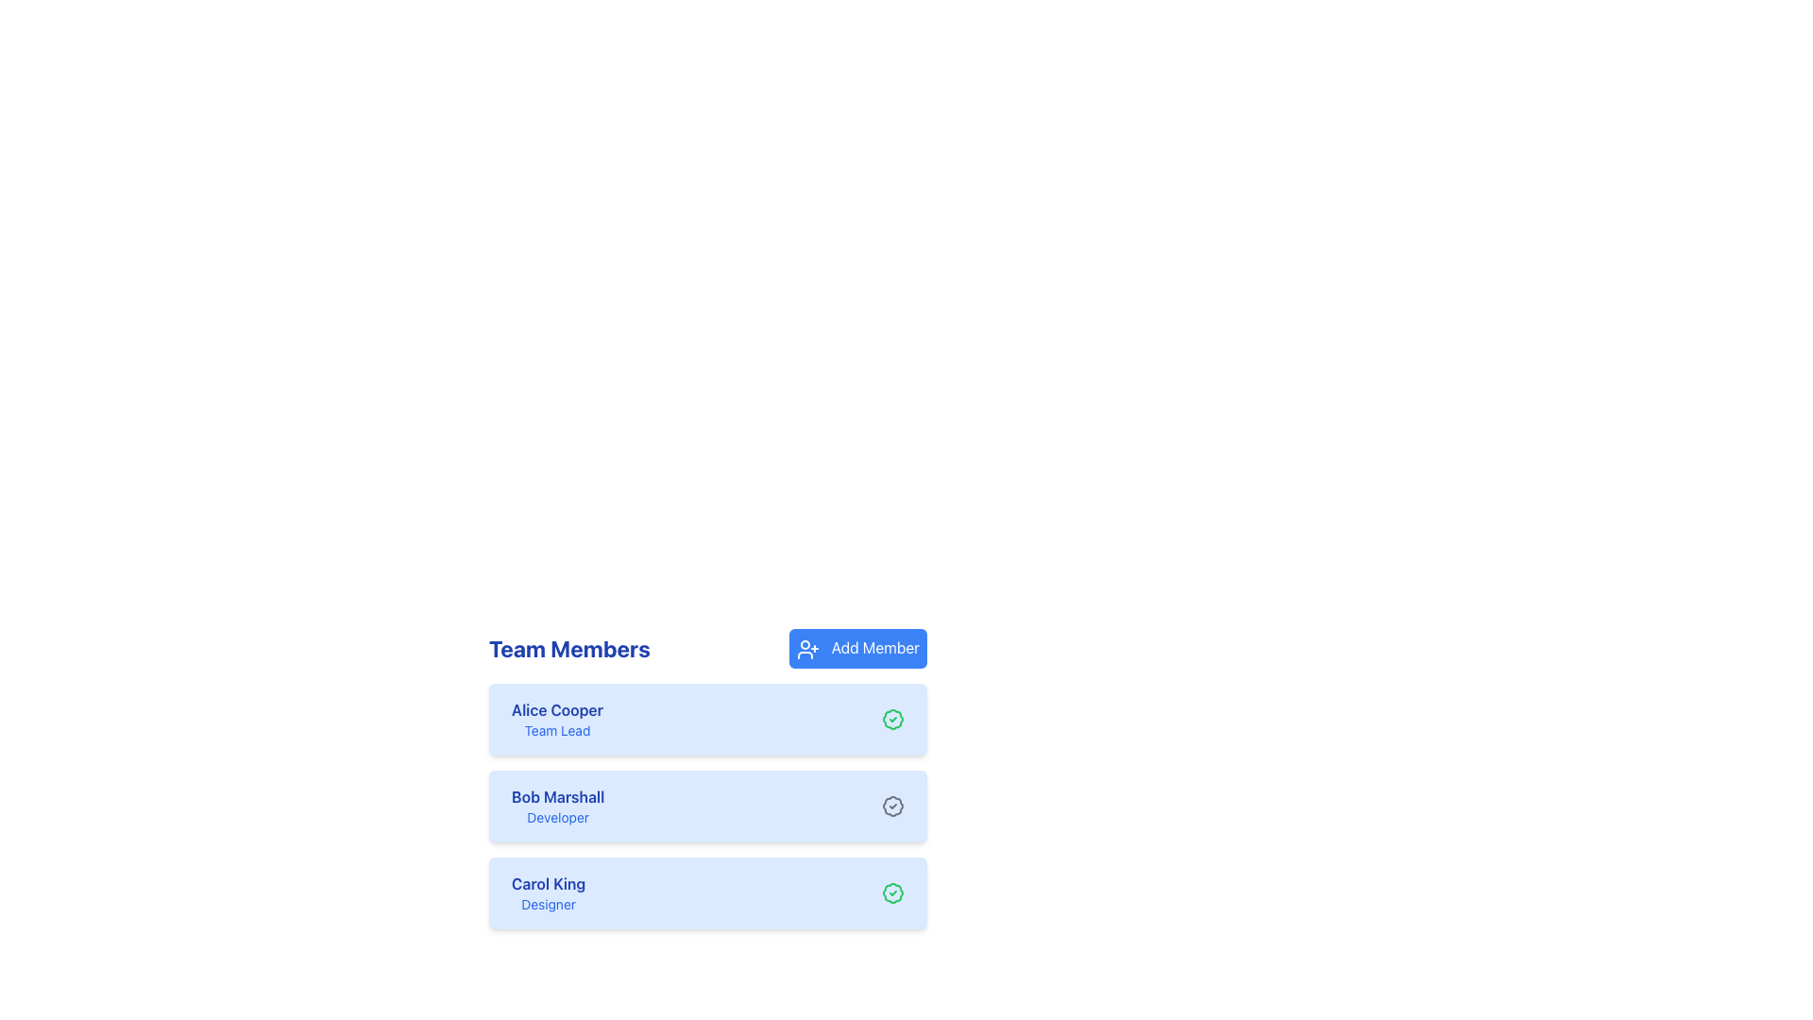 Image resolution: width=1813 pixels, height=1020 pixels. I want to click on name and role of the team lead displayed in the text element, which is the first item in the team members list with a light blue background, so click(556, 719).